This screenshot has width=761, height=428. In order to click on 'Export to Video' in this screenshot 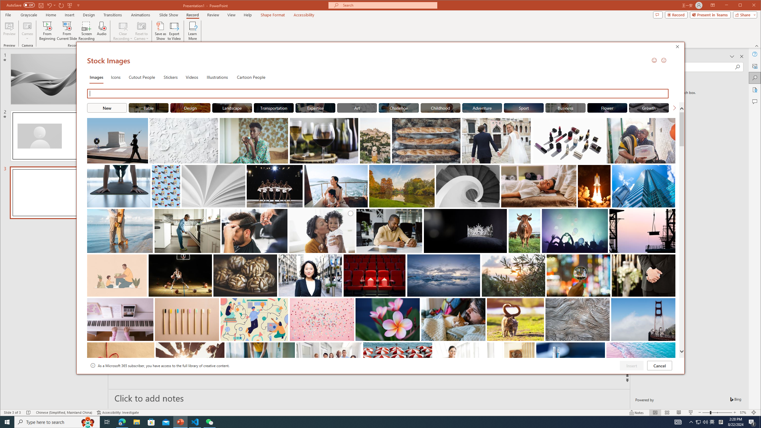, I will do `click(174, 31)`.